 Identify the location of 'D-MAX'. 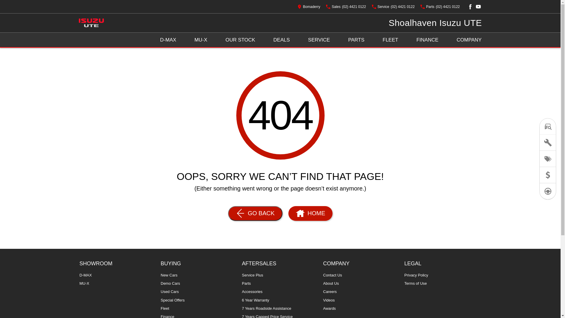
(85, 277).